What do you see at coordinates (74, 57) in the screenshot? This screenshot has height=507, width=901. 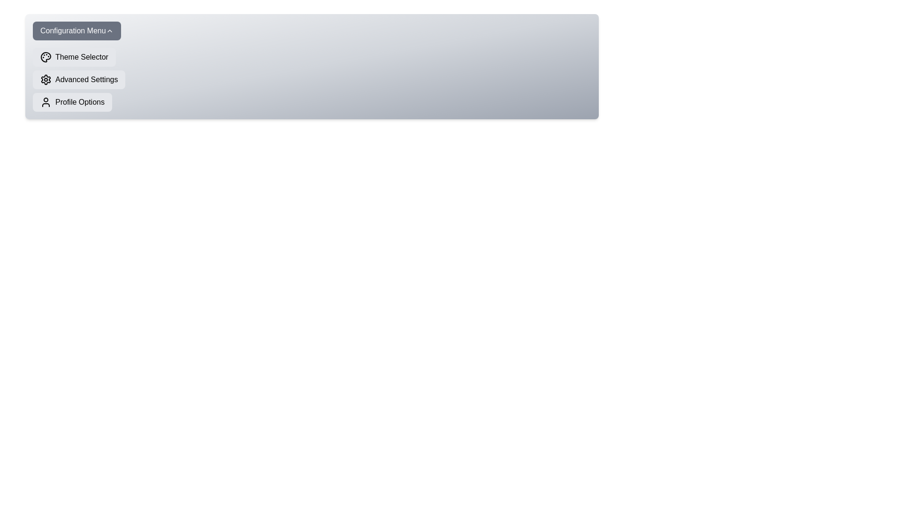 I see `the 'Theme Selector' button to select it` at bounding box center [74, 57].